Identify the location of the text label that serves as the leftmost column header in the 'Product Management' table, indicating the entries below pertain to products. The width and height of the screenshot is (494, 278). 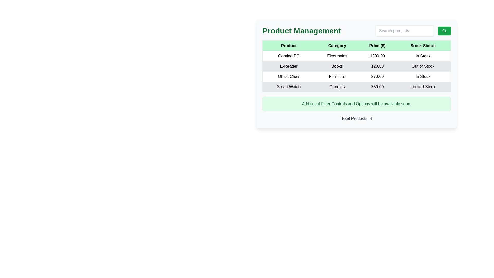
(289, 45).